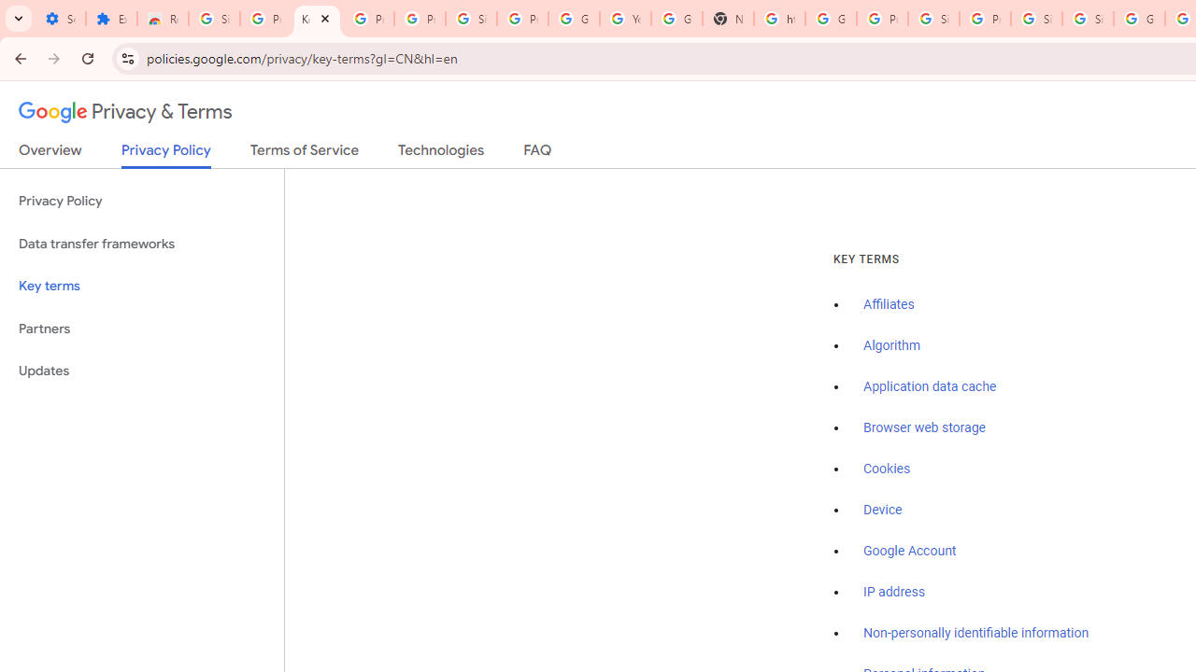 The width and height of the screenshot is (1196, 672). What do you see at coordinates (910, 550) in the screenshot?
I see `'Google Account'` at bounding box center [910, 550].